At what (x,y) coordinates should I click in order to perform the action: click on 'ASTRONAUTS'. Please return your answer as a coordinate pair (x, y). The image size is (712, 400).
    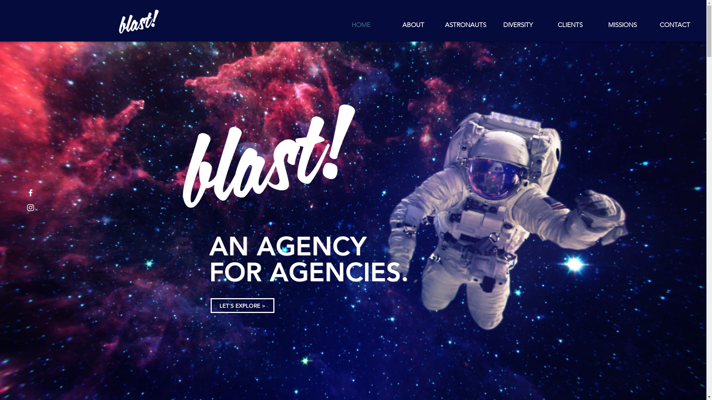
    Looking at the image, I should click on (465, 24).